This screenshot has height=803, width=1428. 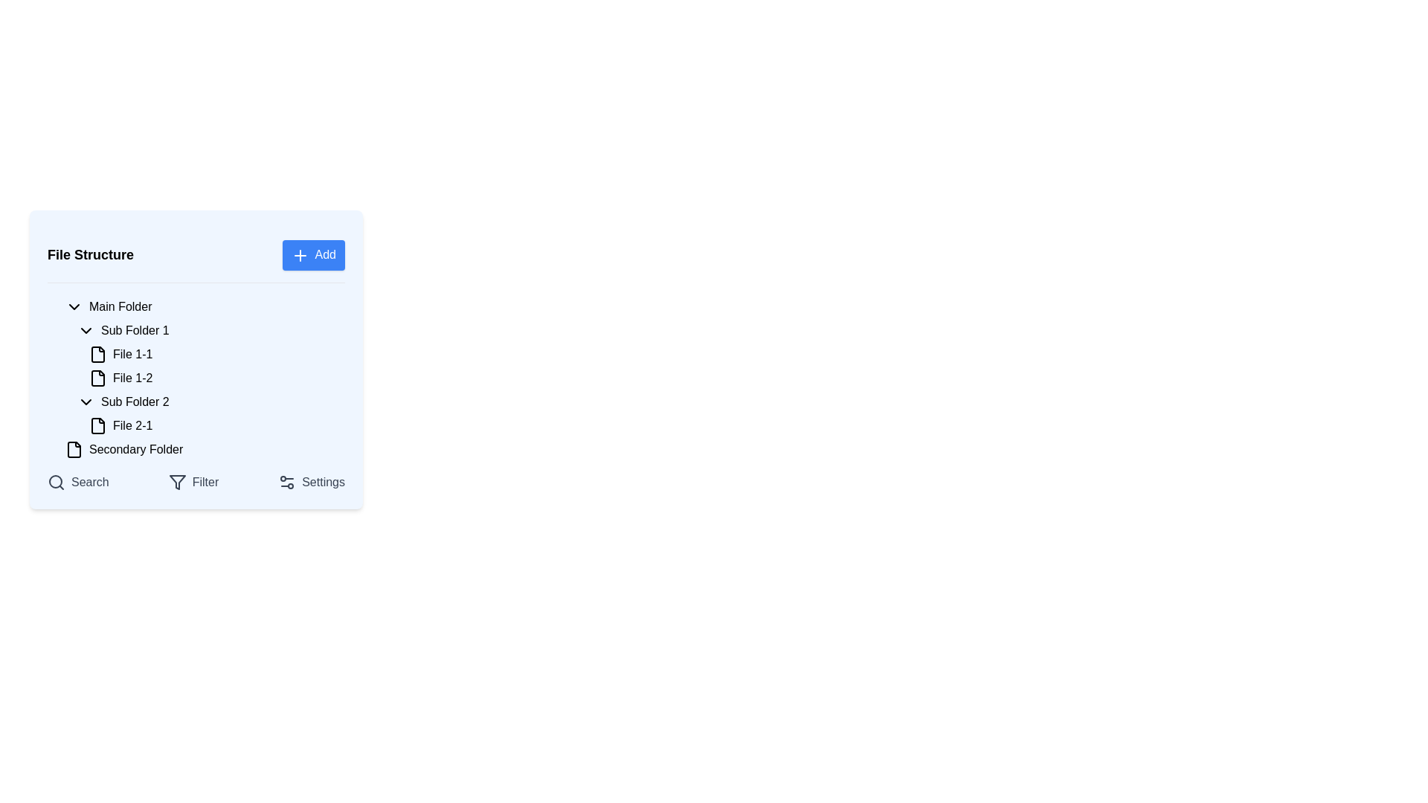 What do you see at coordinates (97, 377) in the screenshot?
I see `the file icon representing 'File 1-2'` at bounding box center [97, 377].